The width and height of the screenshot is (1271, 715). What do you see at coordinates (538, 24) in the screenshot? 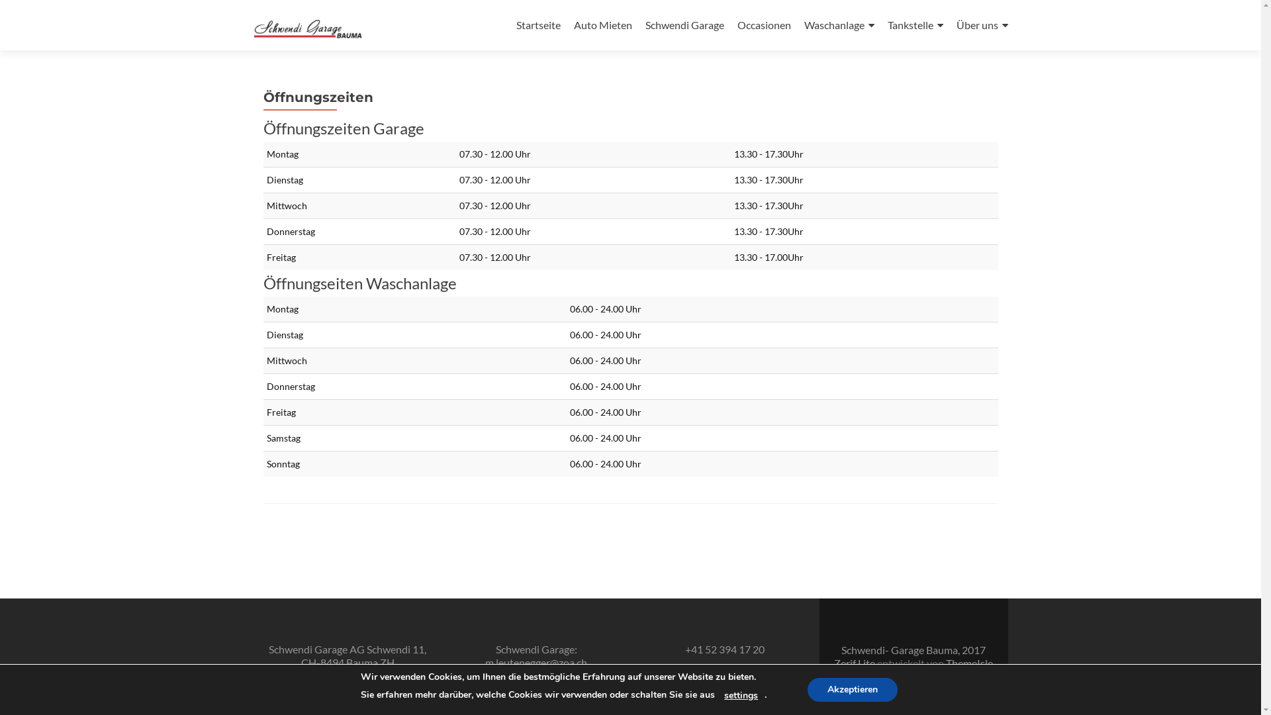
I see `'Startseite'` at bounding box center [538, 24].